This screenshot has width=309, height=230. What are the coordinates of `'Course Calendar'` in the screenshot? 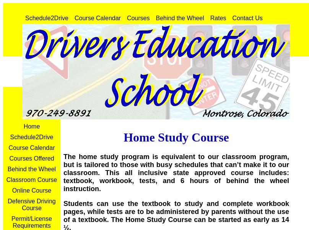 It's located at (31, 148).